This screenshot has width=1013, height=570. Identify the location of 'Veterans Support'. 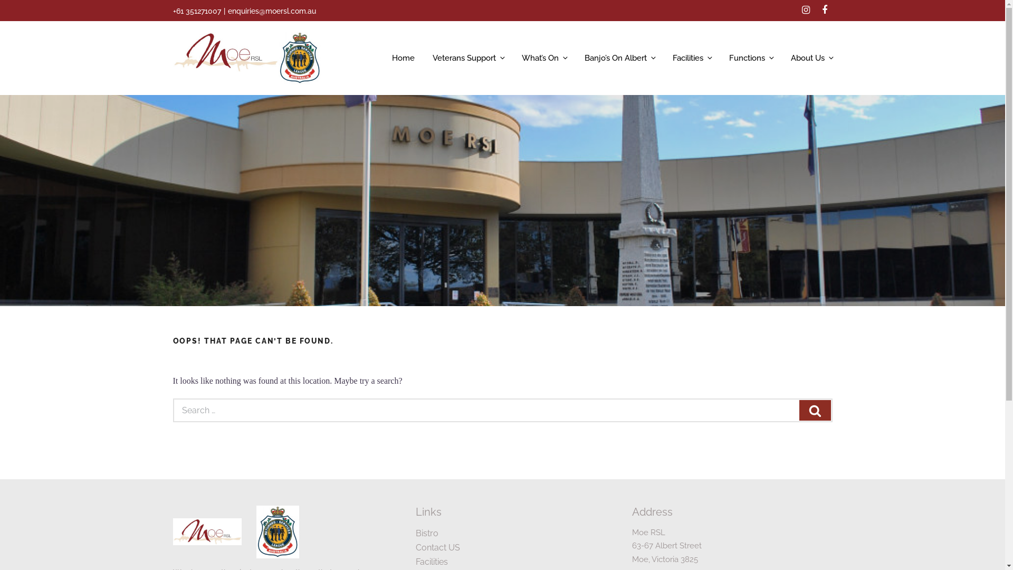
(424, 58).